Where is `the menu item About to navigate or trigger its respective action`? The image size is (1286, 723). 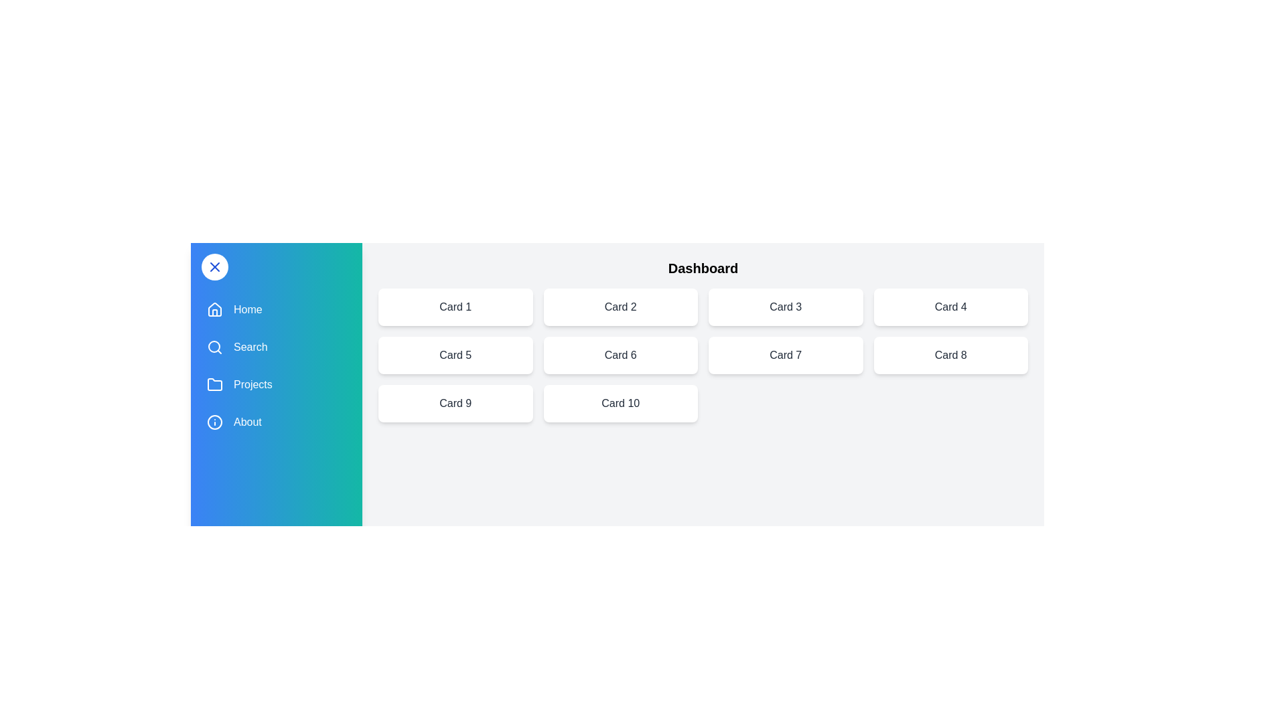
the menu item About to navigate or trigger its respective action is located at coordinates (275, 422).